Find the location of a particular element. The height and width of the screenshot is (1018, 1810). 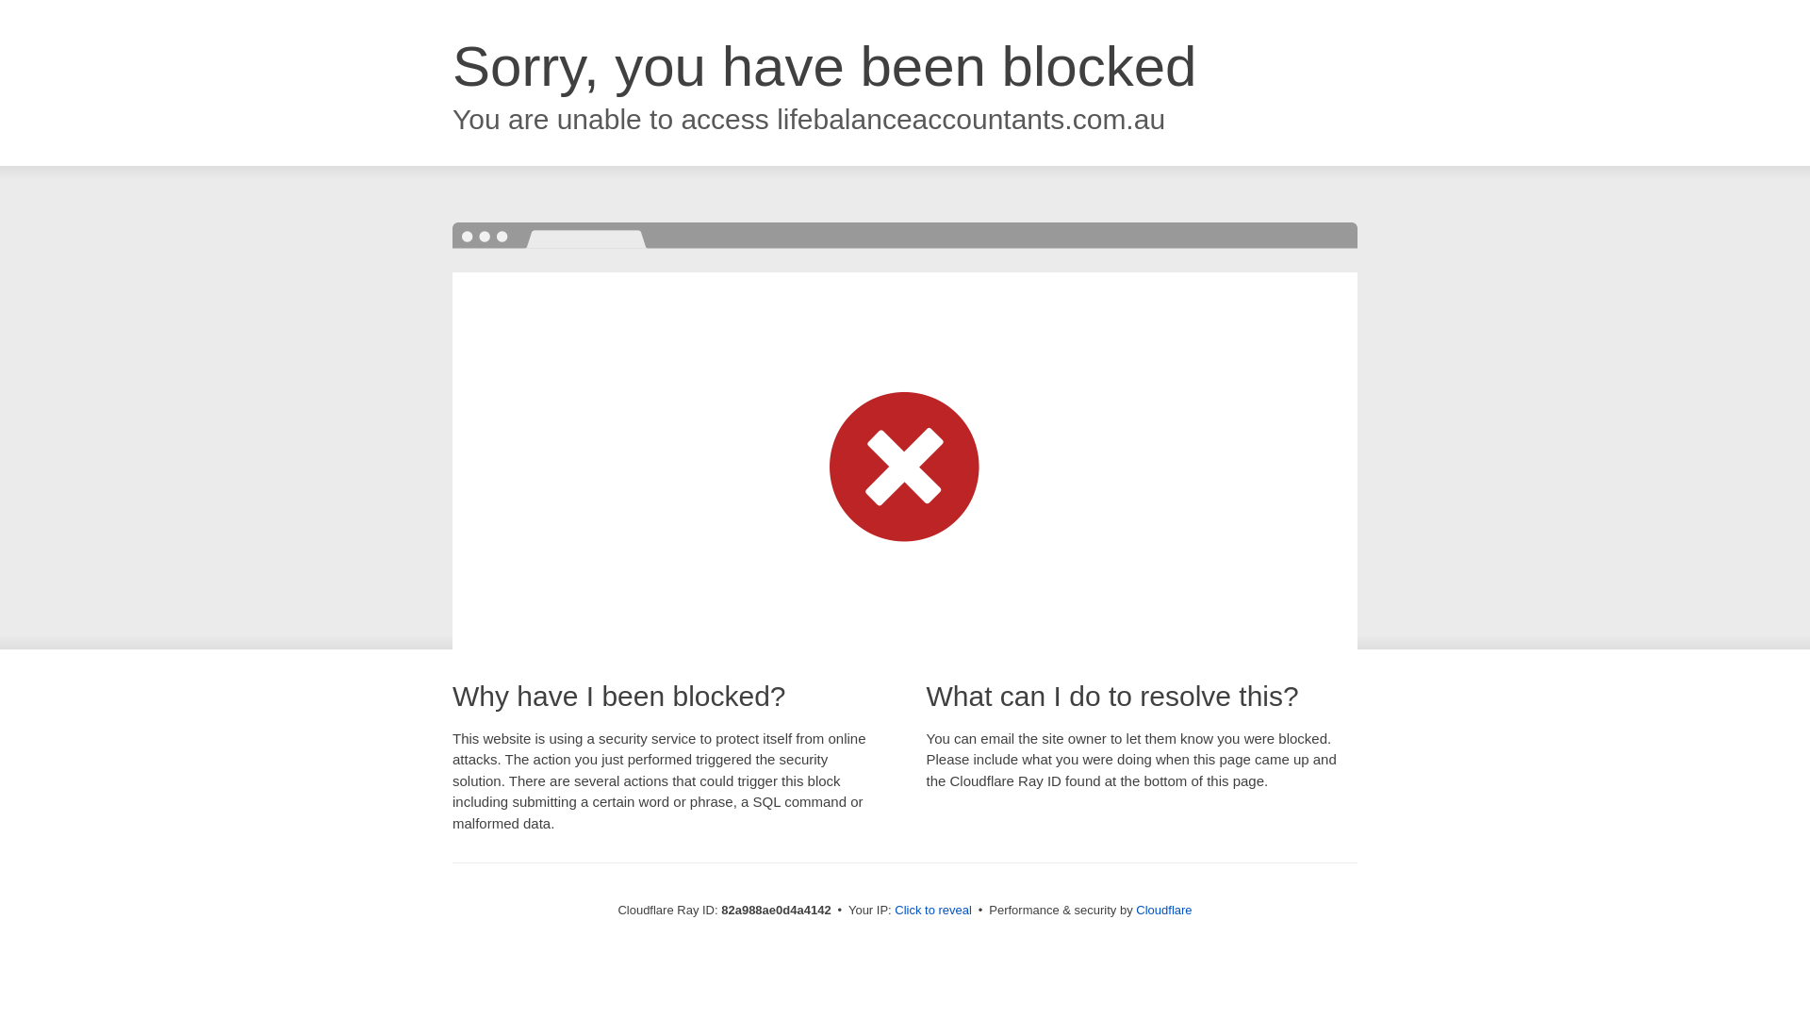

'Click to reveal' is located at coordinates (932, 909).